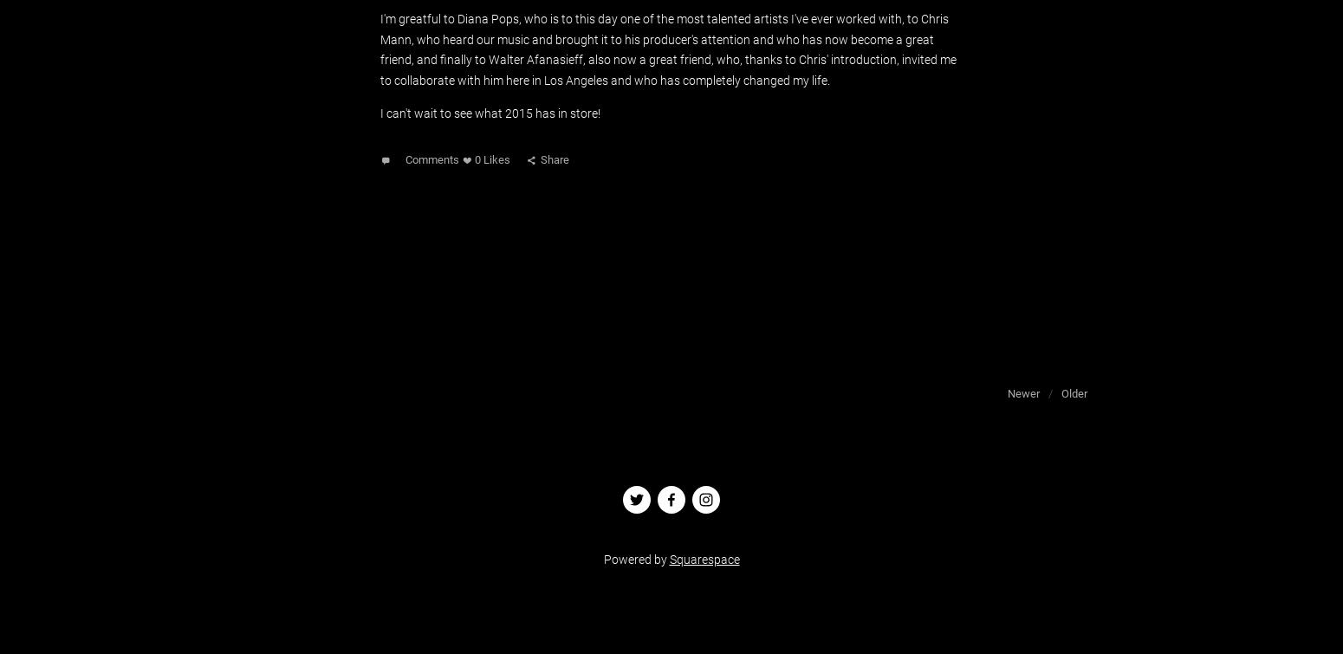 The width and height of the screenshot is (1343, 654). I want to click on ', who is to this day one of the most talented', so click(636, 17).